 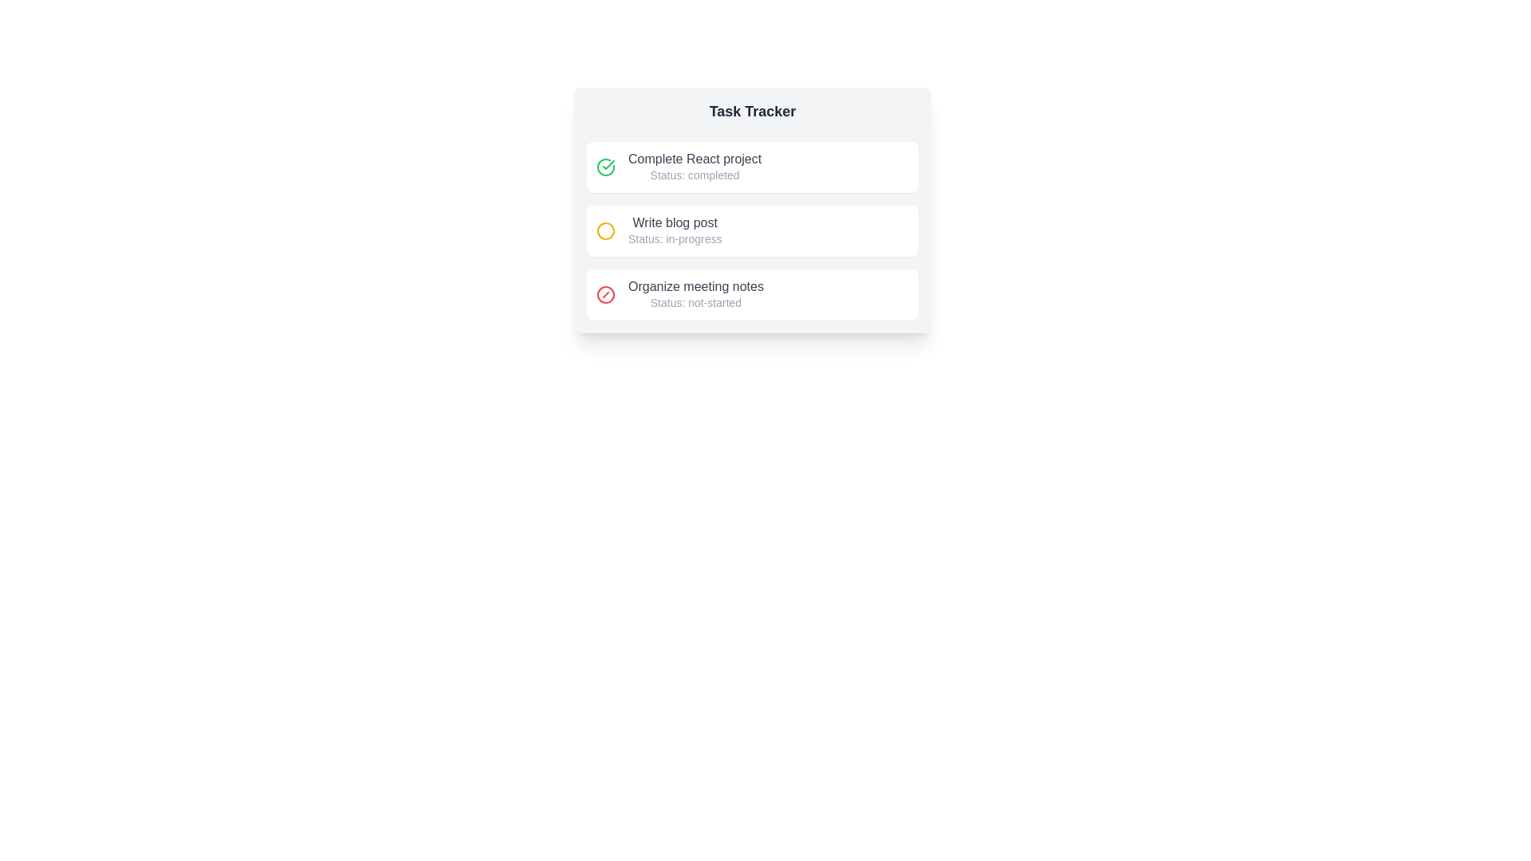 What do you see at coordinates (752, 295) in the screenshot?
I see `the Informational card with the title 'Organize meeting notes' and status 'not-started', which is the third card in a vertical stack of task cards` at bounding box center [752, 295].